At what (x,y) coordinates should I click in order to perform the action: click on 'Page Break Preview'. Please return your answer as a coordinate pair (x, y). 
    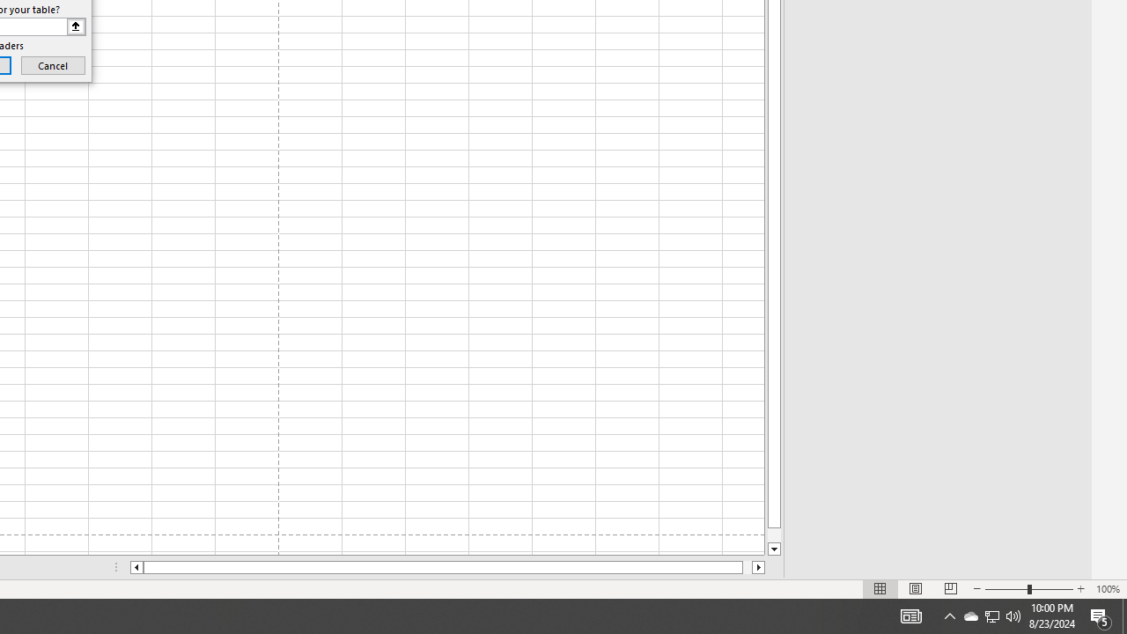
    Looking at the image, I should click on (949, 589).